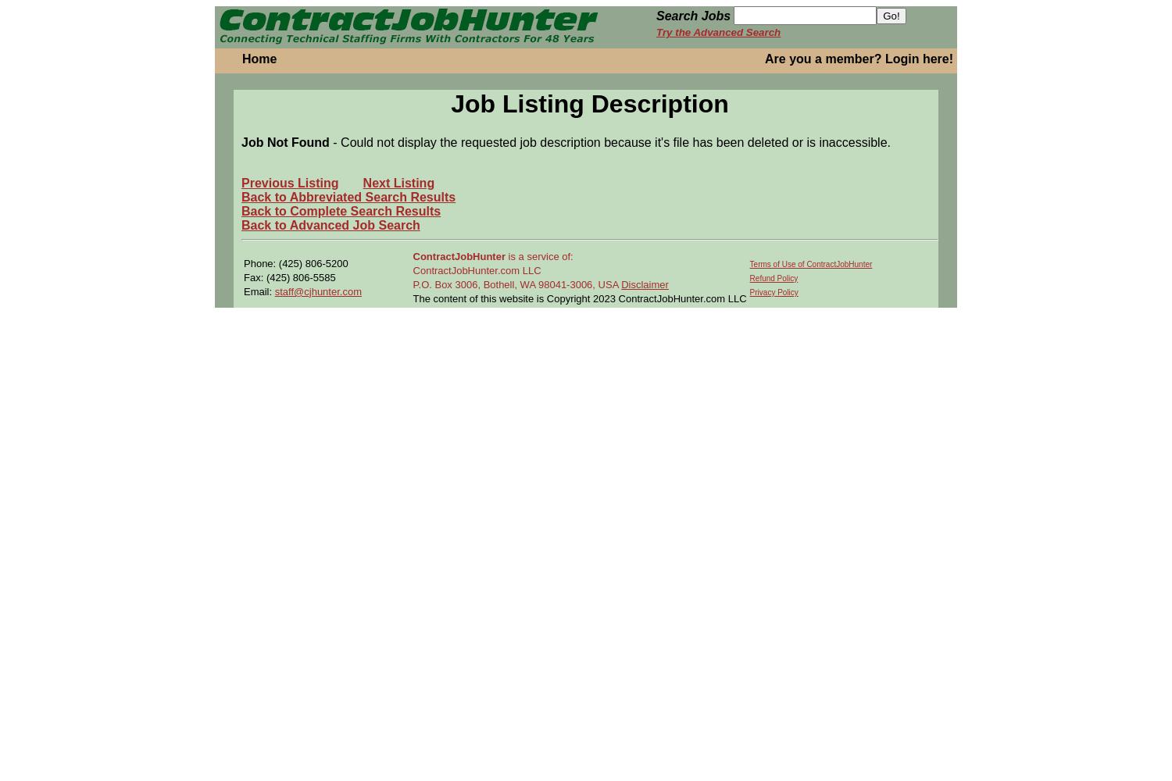 The height and width of the screenshot is (781, 1172). Describe the element at coordinates (317, 290) in the screenshot. I see `'staff@cjhunter.com'` at that location.